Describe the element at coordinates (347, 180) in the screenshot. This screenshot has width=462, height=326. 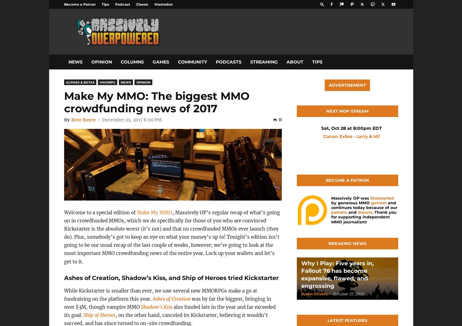
I see `'BECOME A PATRON'` at that location.